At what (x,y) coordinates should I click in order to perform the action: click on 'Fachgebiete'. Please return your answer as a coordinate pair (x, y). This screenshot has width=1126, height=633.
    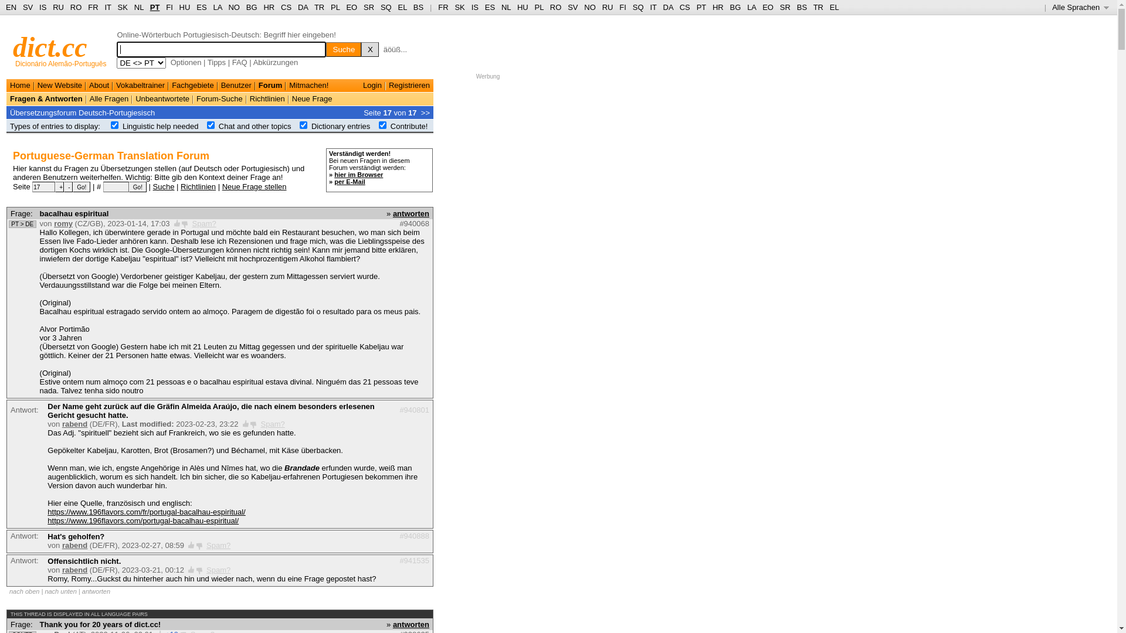
    Looking at the image, I should click on (193, 84).